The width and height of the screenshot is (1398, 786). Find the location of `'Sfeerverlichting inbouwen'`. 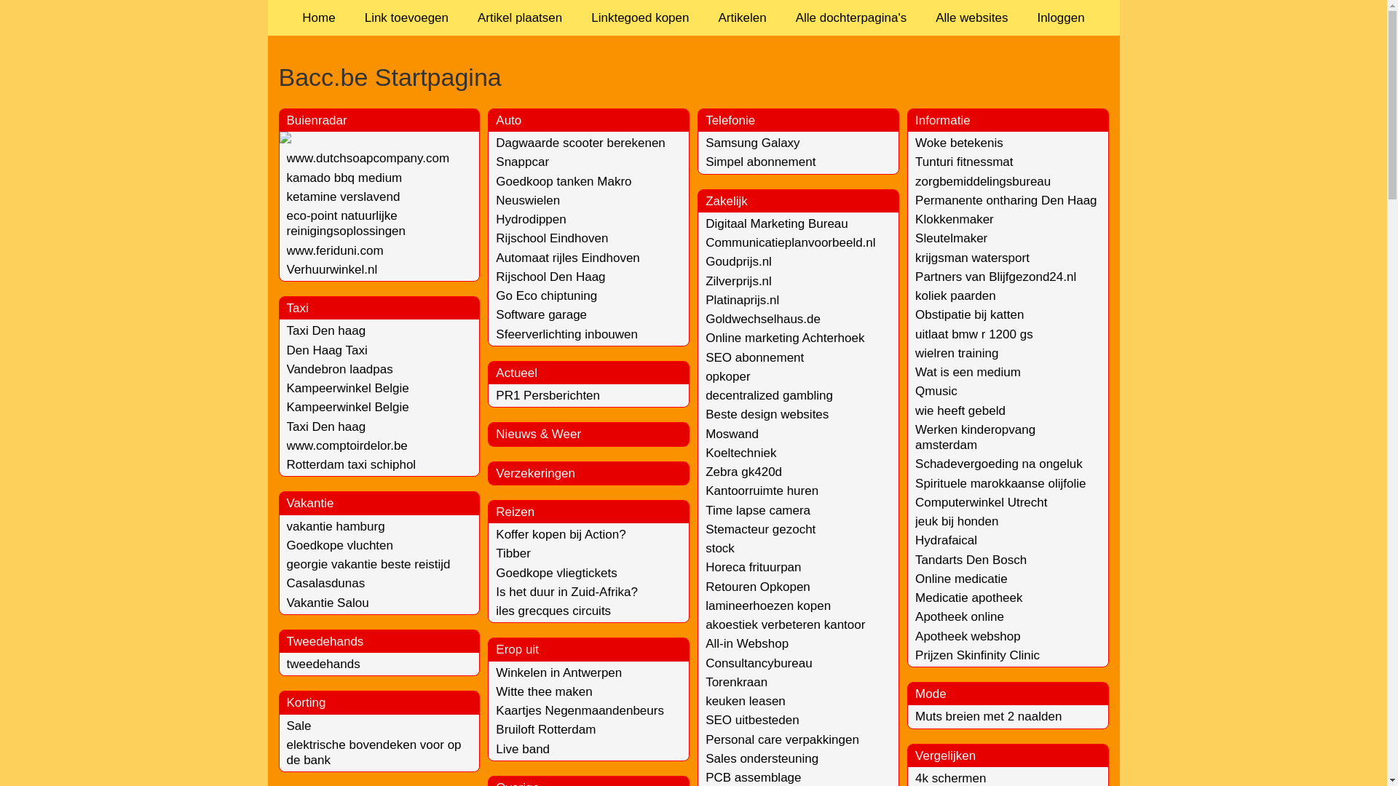

'Sfeerverlichting inbouwen' is located at coordinates (566, 334).